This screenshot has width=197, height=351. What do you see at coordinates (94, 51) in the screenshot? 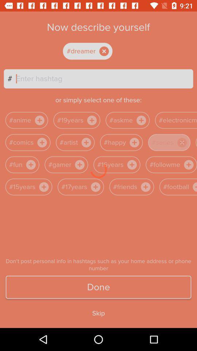
I see `word` at bounding box center [94, 51].